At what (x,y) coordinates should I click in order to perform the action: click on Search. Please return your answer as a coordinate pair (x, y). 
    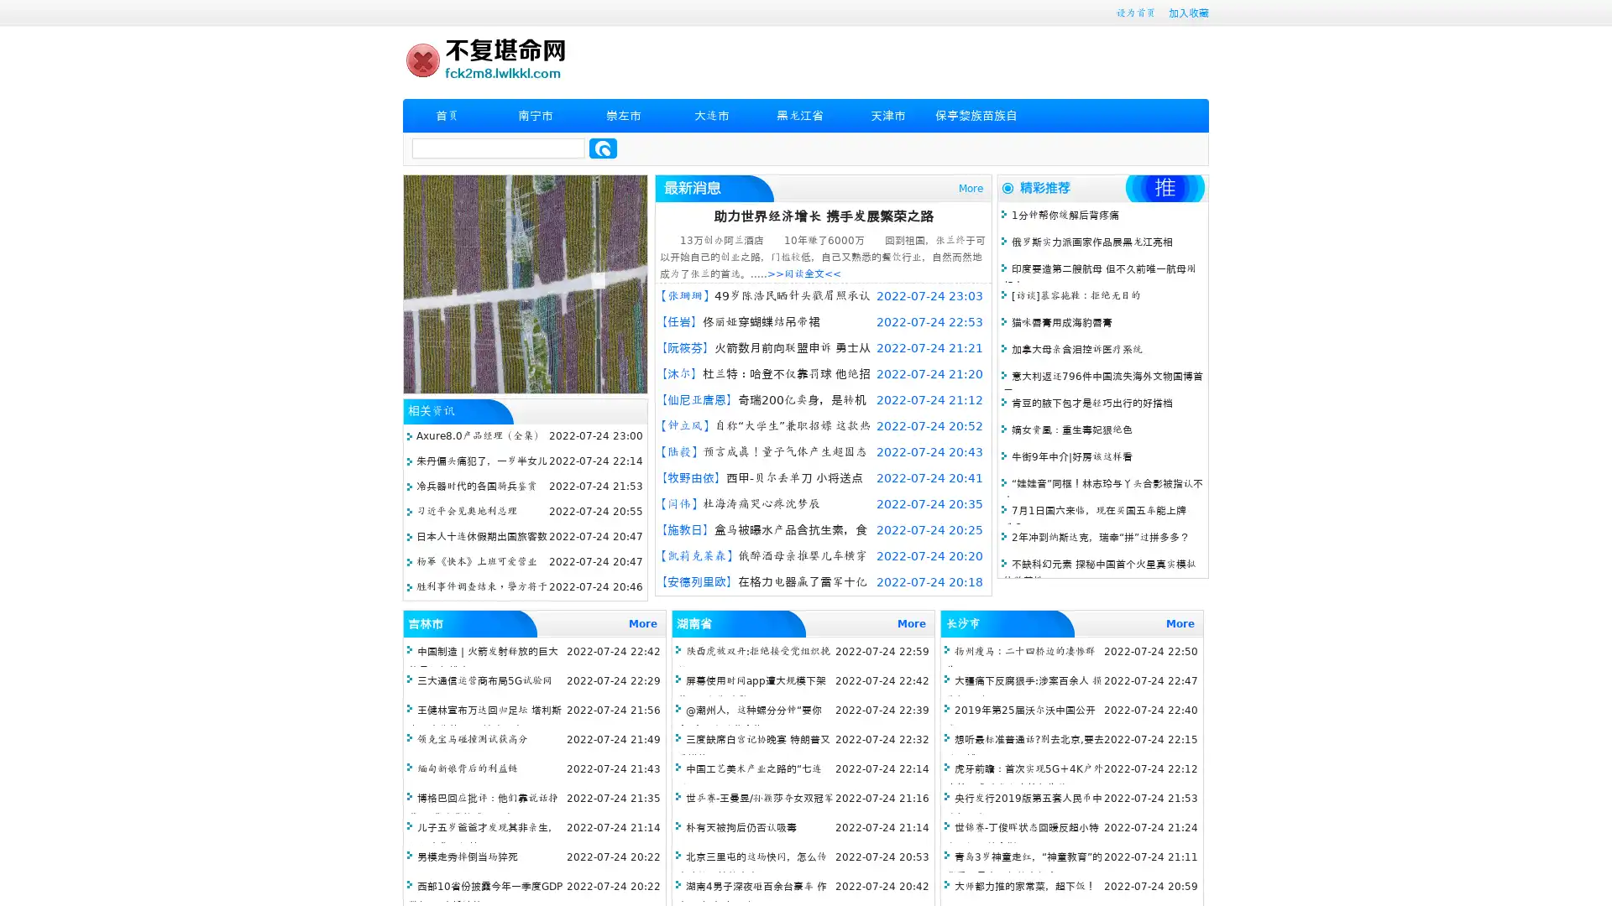
    Looking at the image, I should click on (603, 148).